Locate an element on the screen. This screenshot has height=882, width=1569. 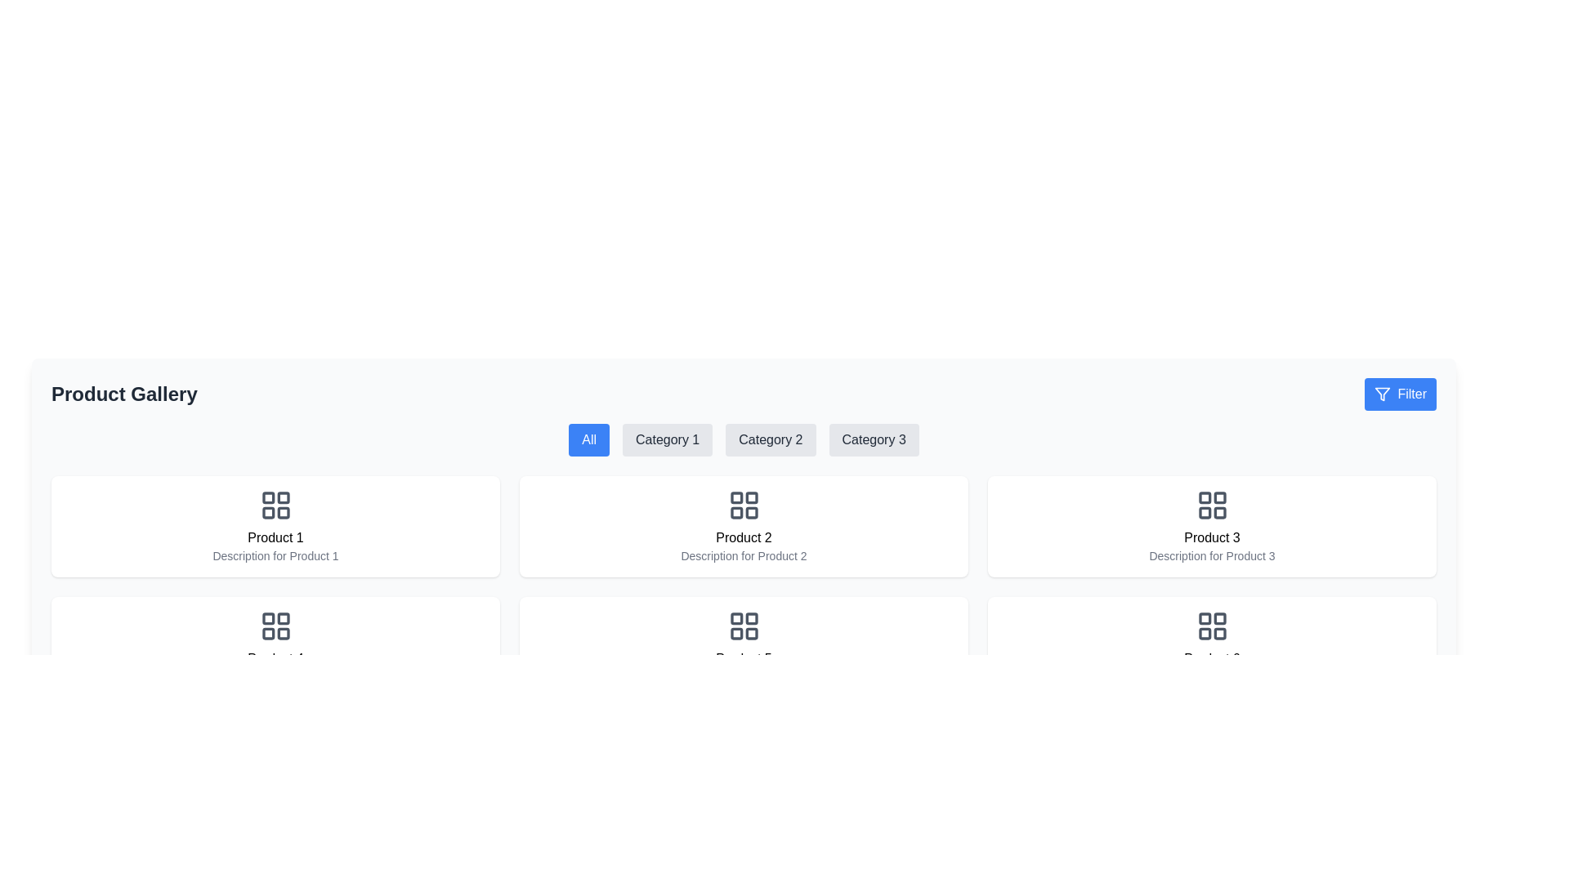
descriptive text label located within the product card for 'Product 3', which is the second textual element following the title is located at coordinates (1212, 555).